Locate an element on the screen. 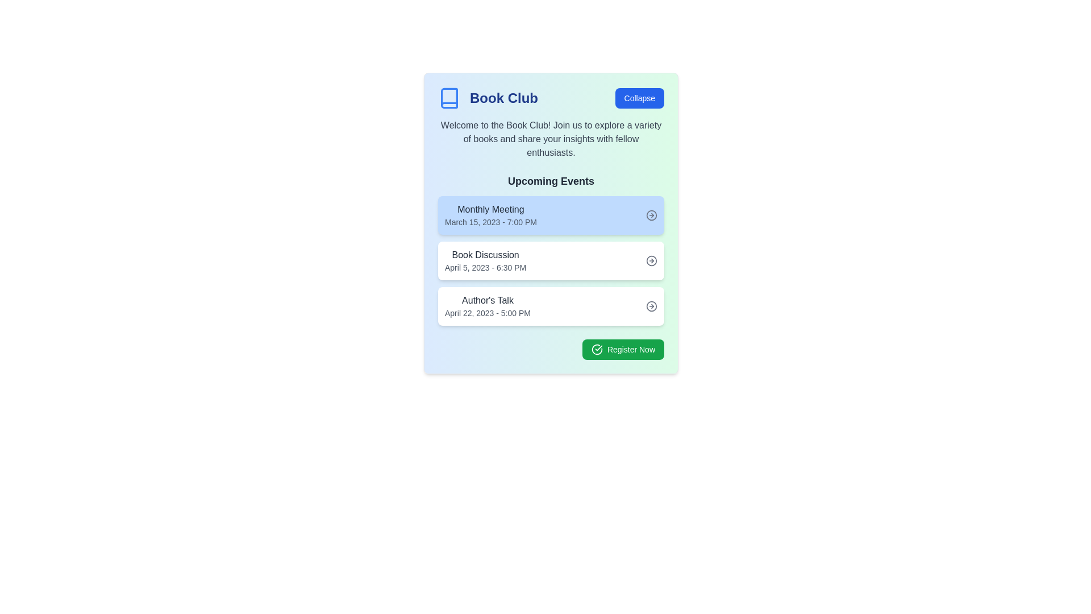 This screenshot has width=1091, height=614. the Text label displaying event details for the 'Book Club' meeting located in the light blue card in the 'Upcoming Events' section is located at coordinates (491, 215).